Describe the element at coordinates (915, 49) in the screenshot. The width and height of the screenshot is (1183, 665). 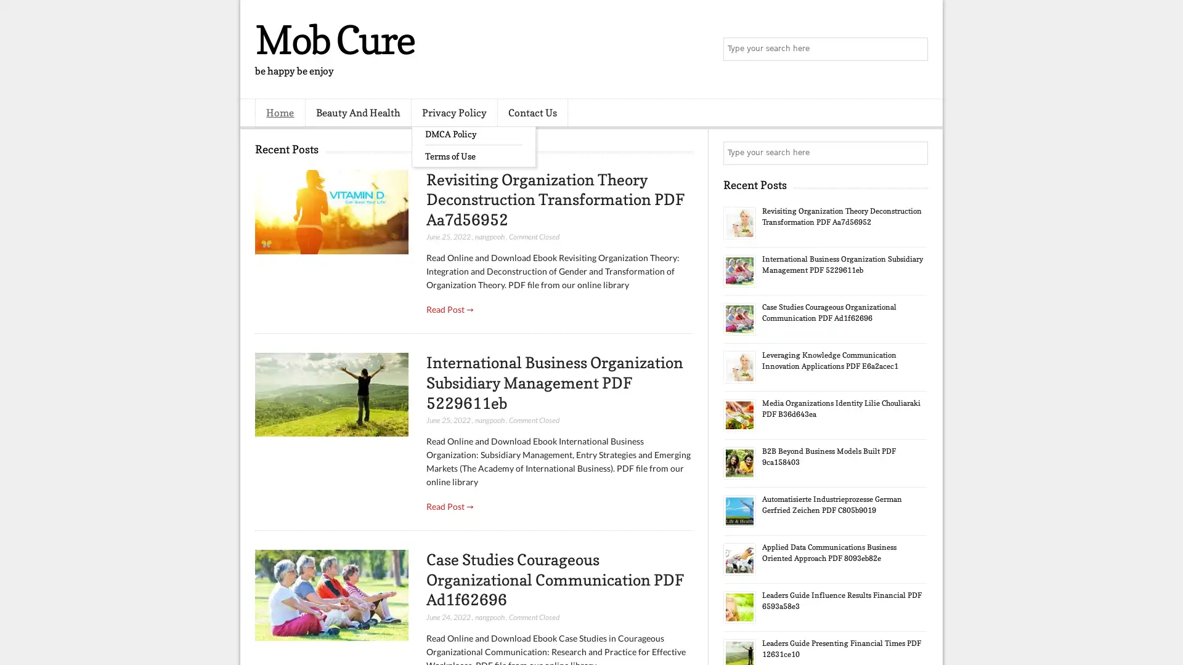
I see `Search` at that location.